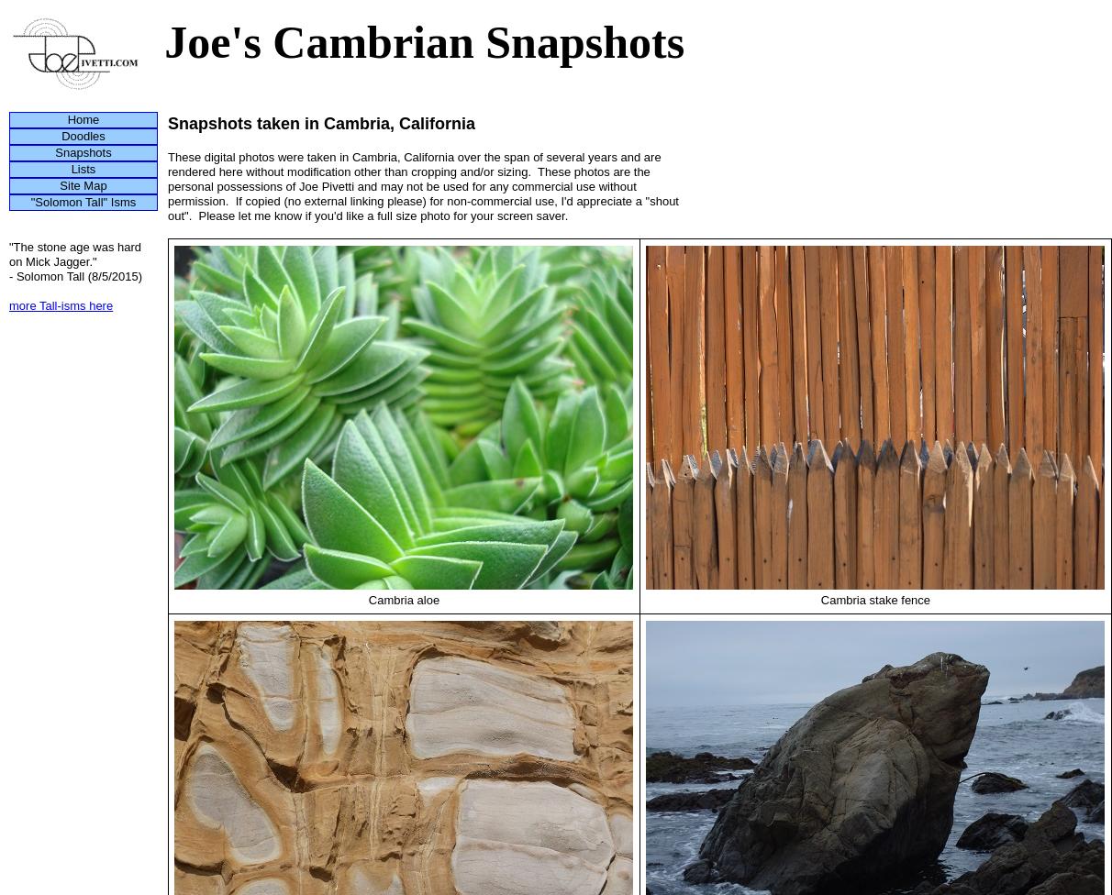 Image resolution: width=1112 pixels, height=895 pixels. I want to click on 'Snapshots', so click(53, 151).